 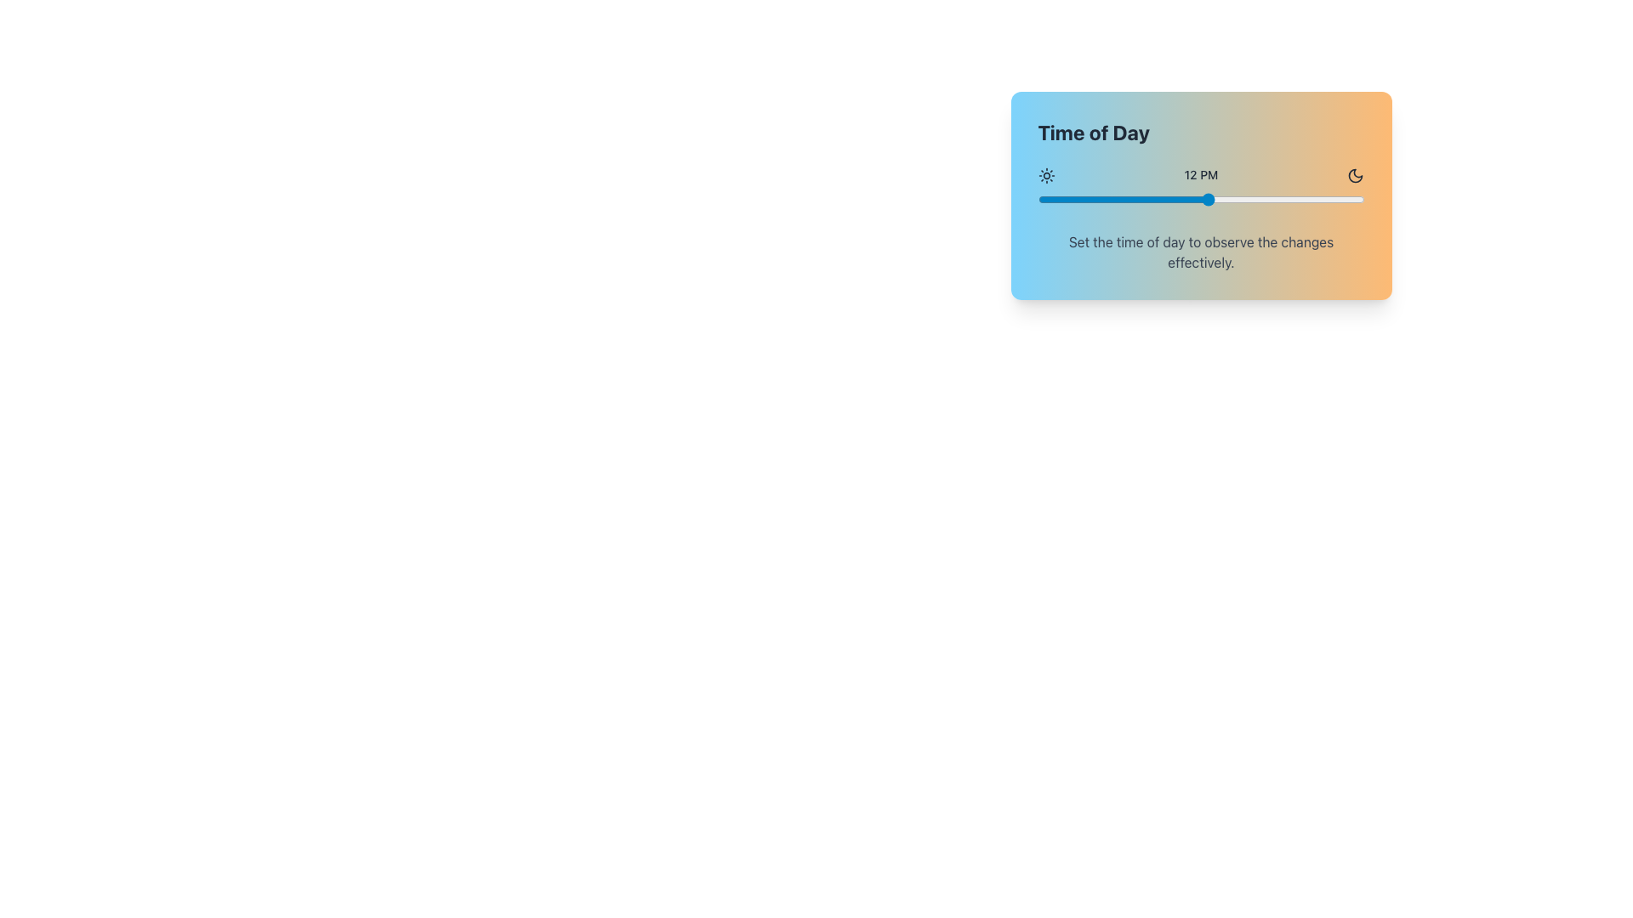 I want to click on the time of day, so click(x=1349, y=199).